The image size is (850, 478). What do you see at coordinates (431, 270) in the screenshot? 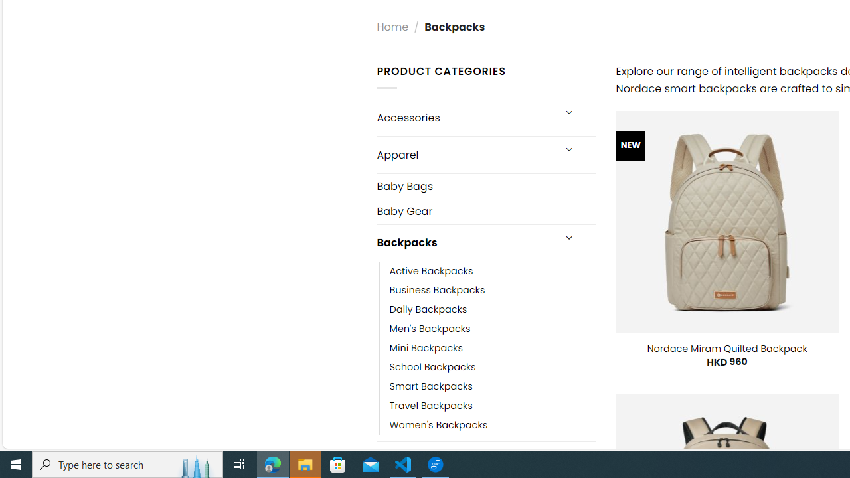
I see `'Active Backpacks'` at bounding box center [431, 270].